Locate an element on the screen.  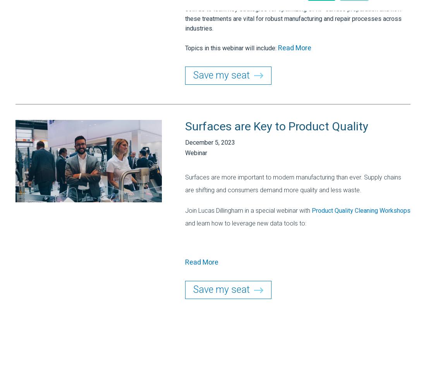
'Surfaces are Key to Product Quality' is located at coordinates (276, 126).